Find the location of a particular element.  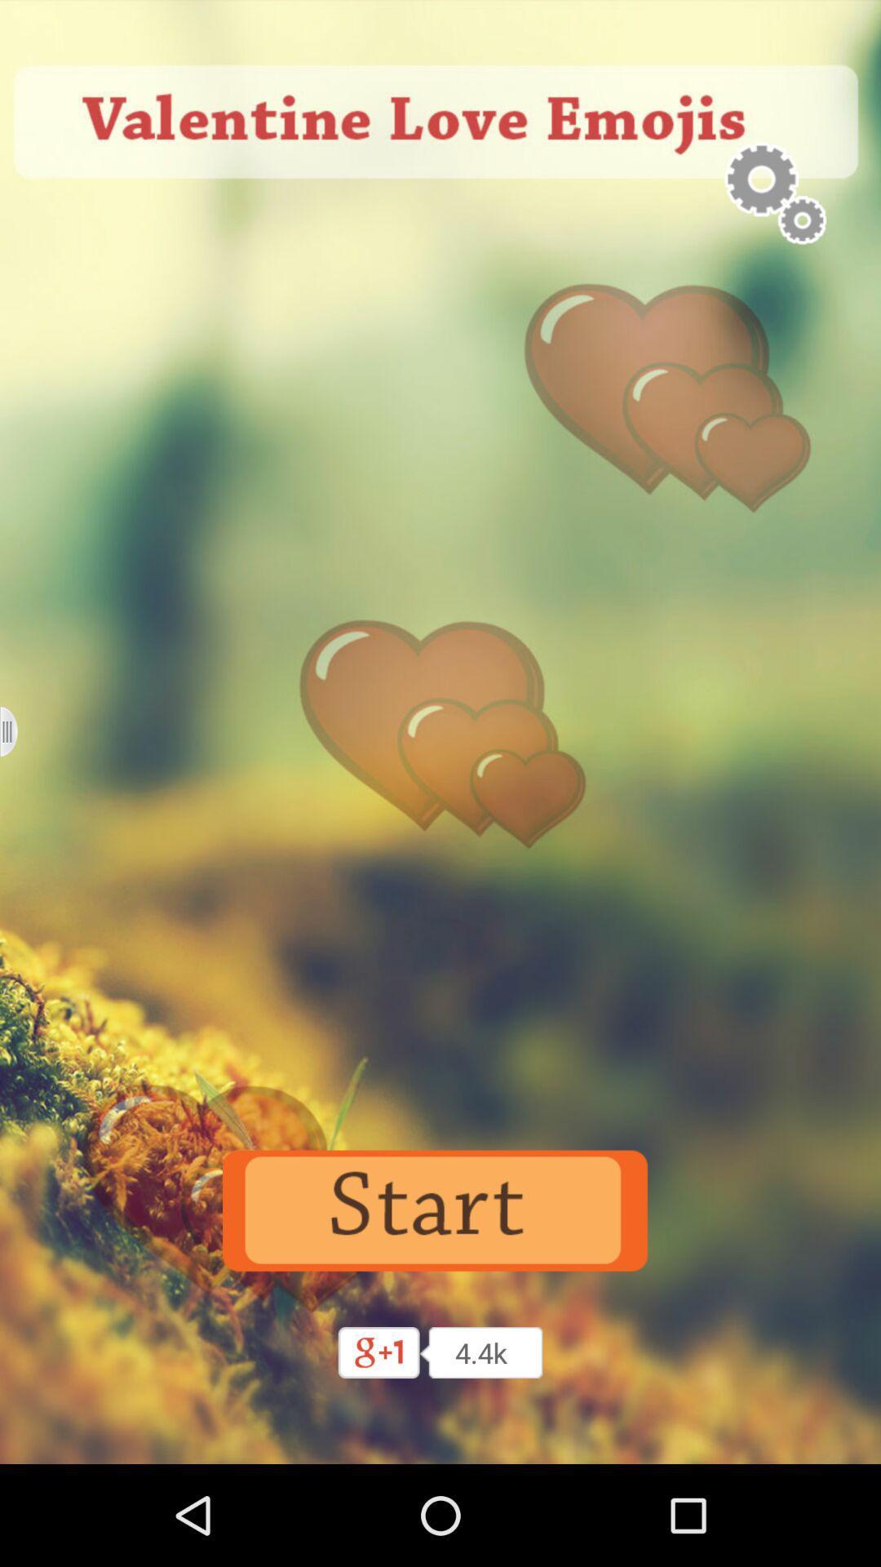

start is located at coordinates (440, 1211).